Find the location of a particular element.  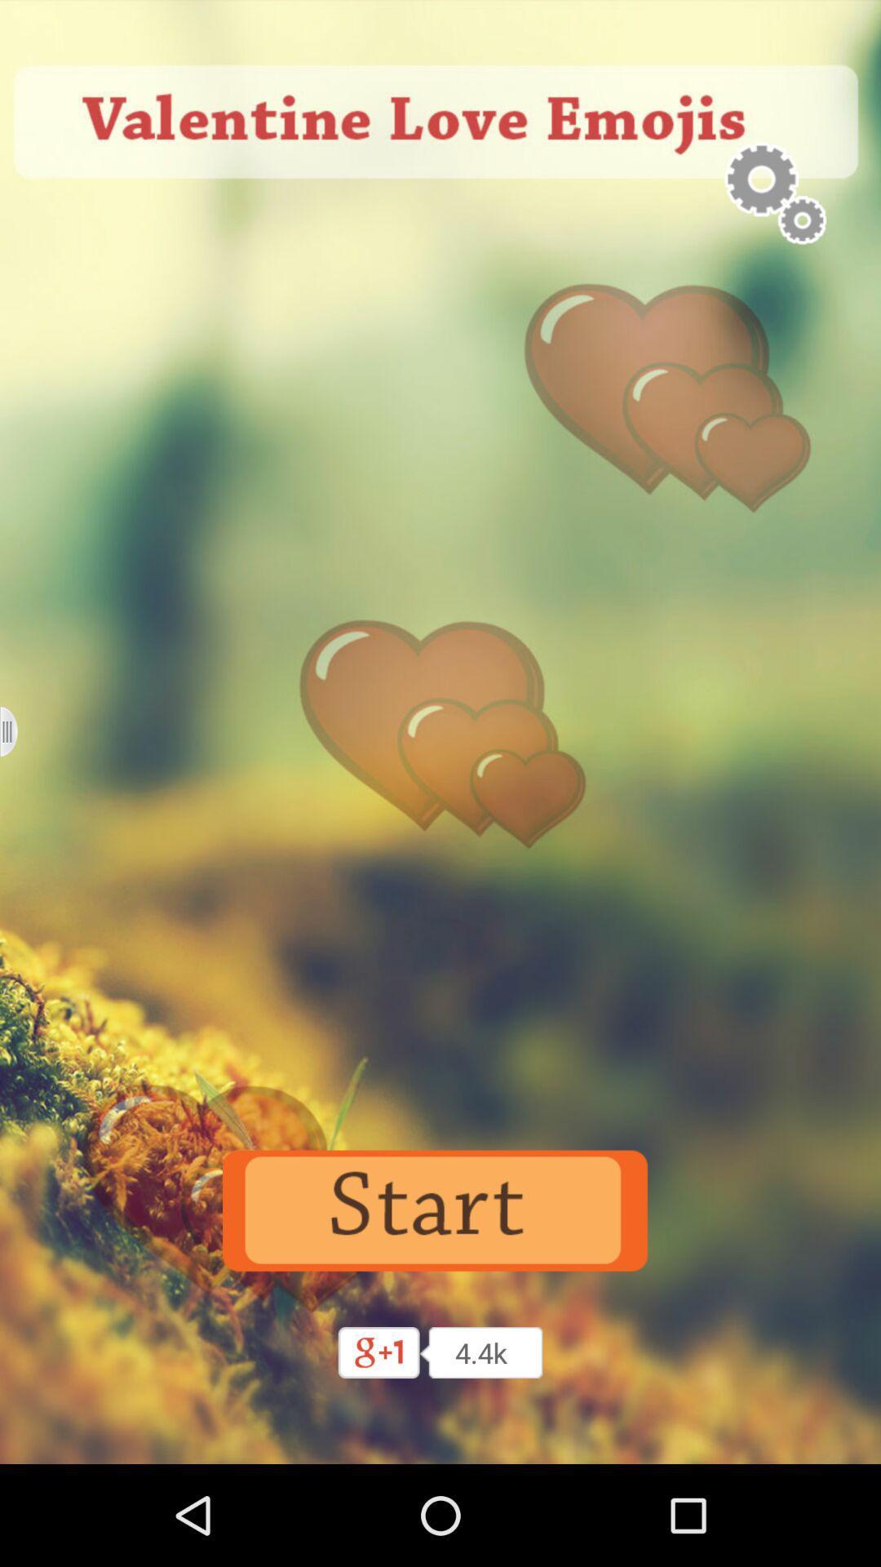

start is located at coordinates (440, 1211).